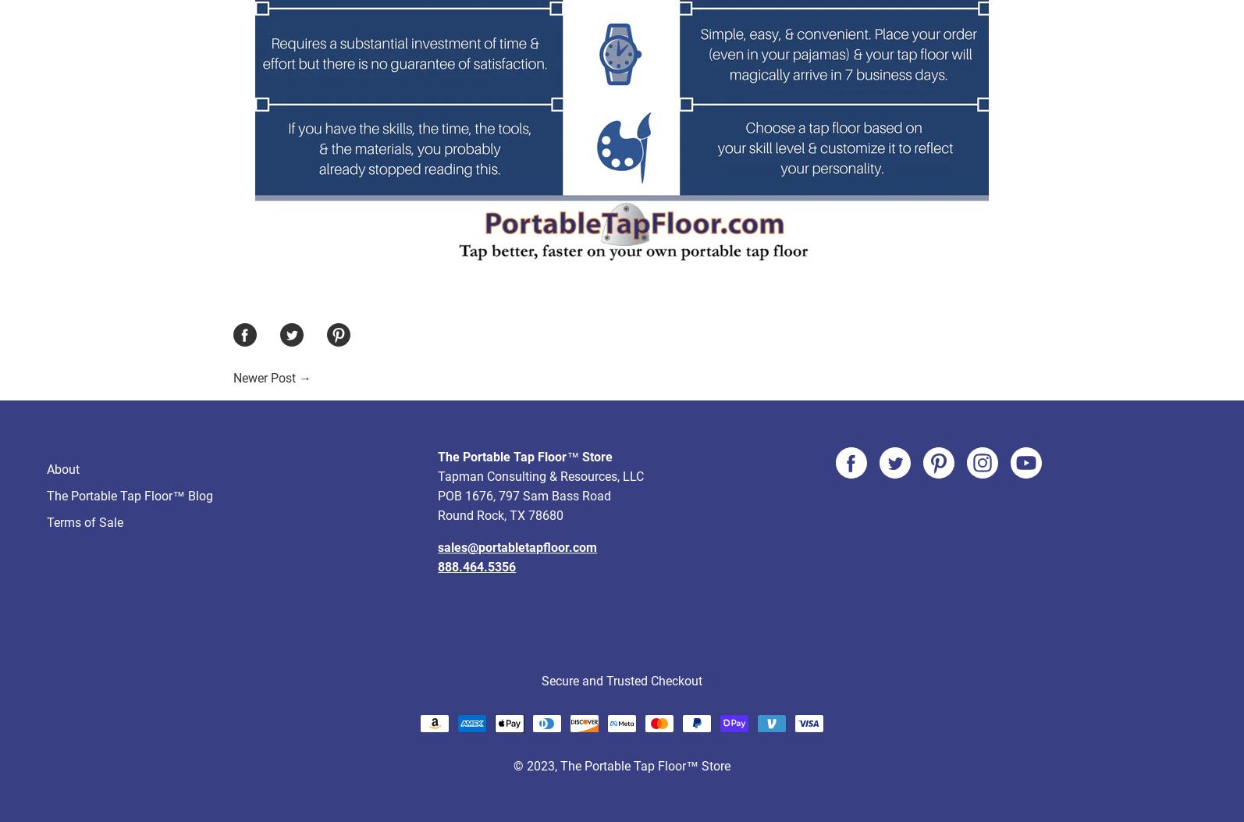  I want to click on 'The Portable Tap Floor™ Blog', so click(130, 436).